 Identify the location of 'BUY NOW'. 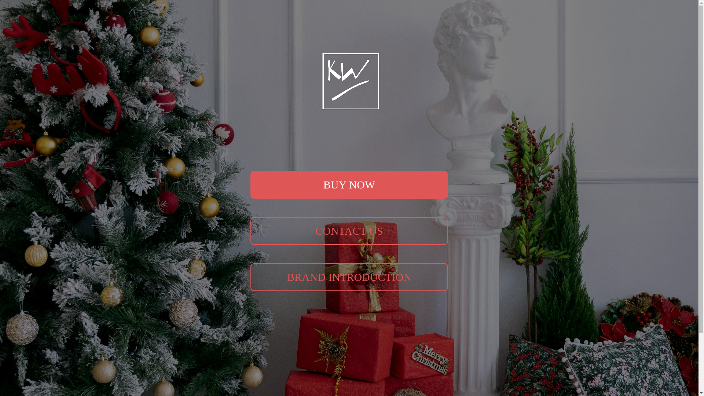
(349, 184).